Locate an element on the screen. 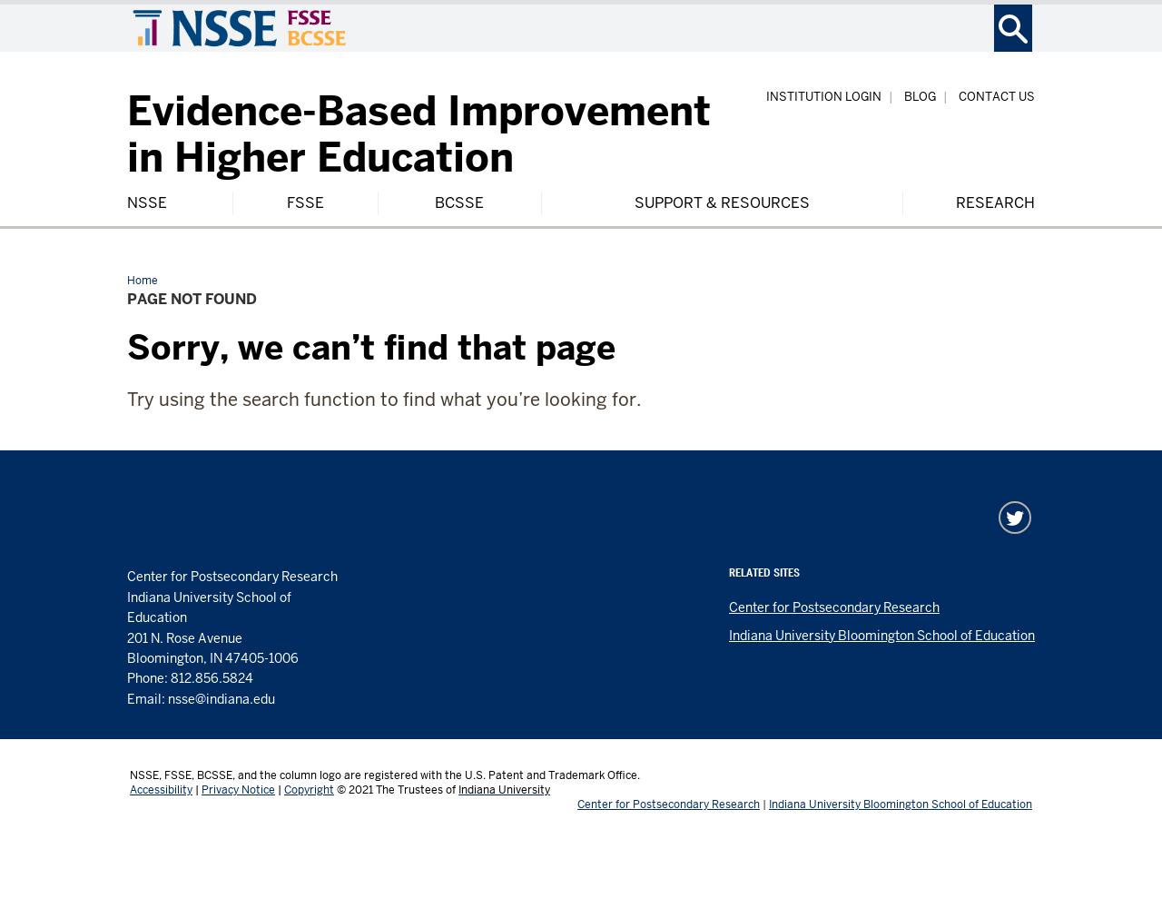 This screenshot has height=908, width=1162. 'The Trustees of' is located at coordinates (374, 789).